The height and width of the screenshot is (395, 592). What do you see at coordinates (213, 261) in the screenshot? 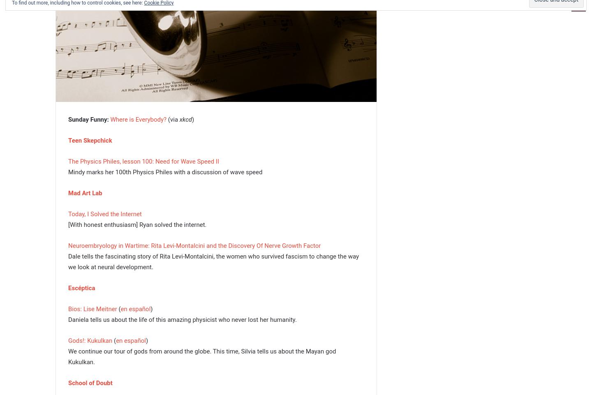
I see `'Dale tells the fascinating story of Rita Levi-Montalcini, the women who survived fascism to change the way we look at neural development.'` at bounding box center [213, 261].